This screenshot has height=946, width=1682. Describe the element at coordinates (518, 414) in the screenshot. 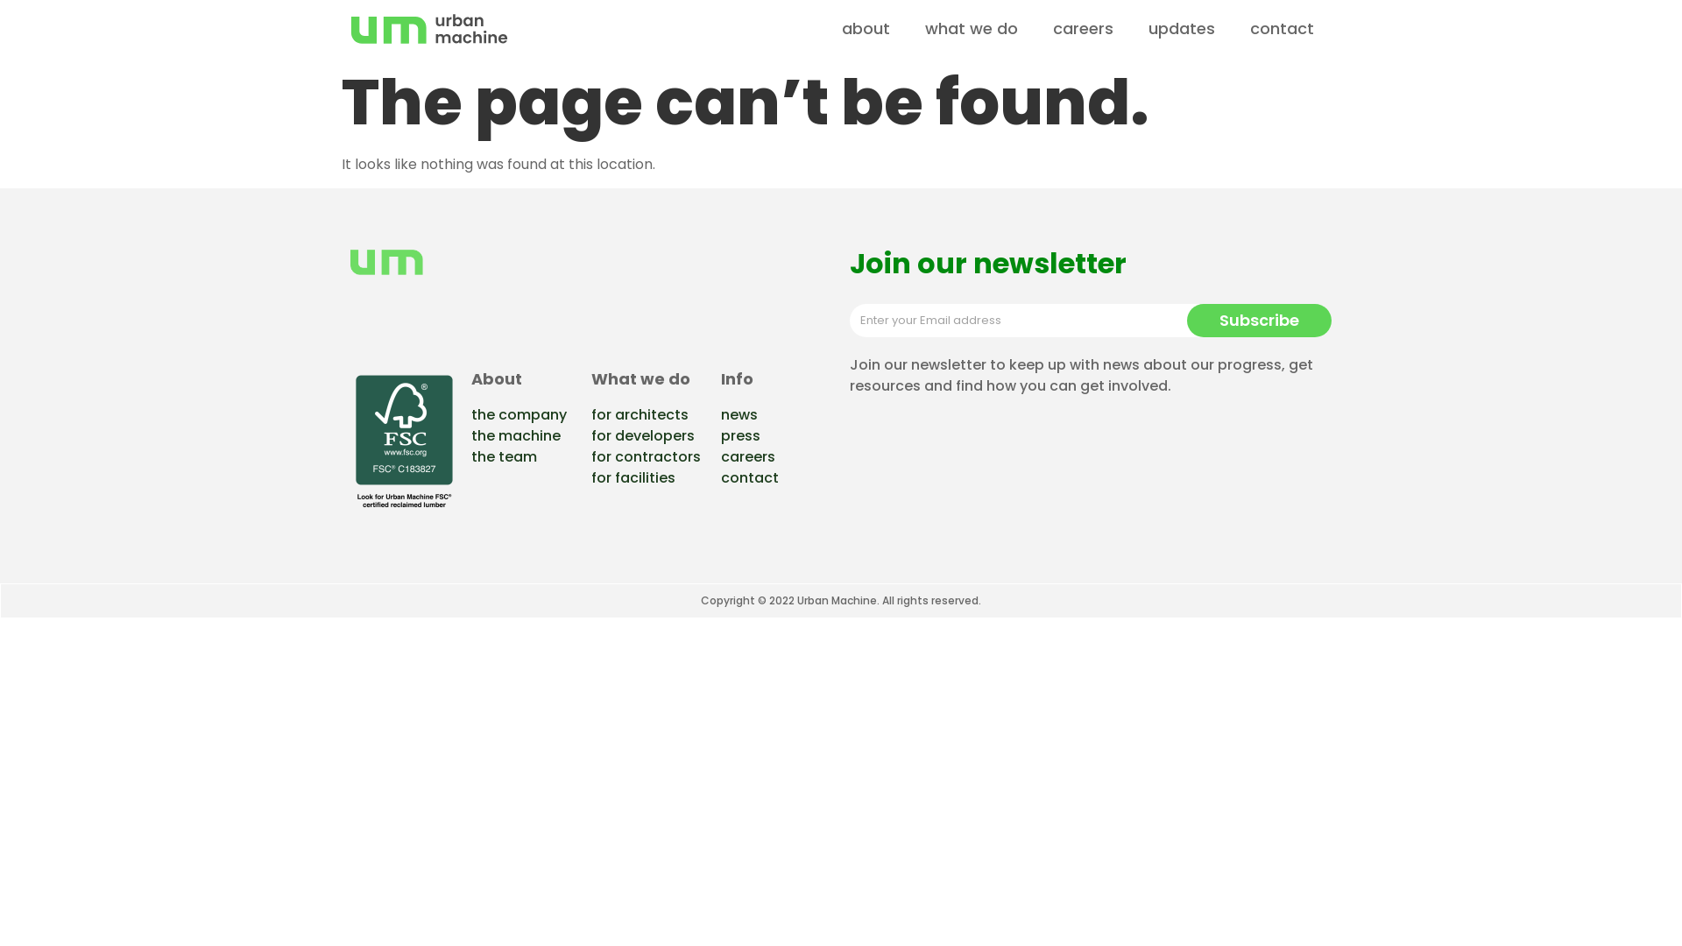

I see `'the company'` at that location.